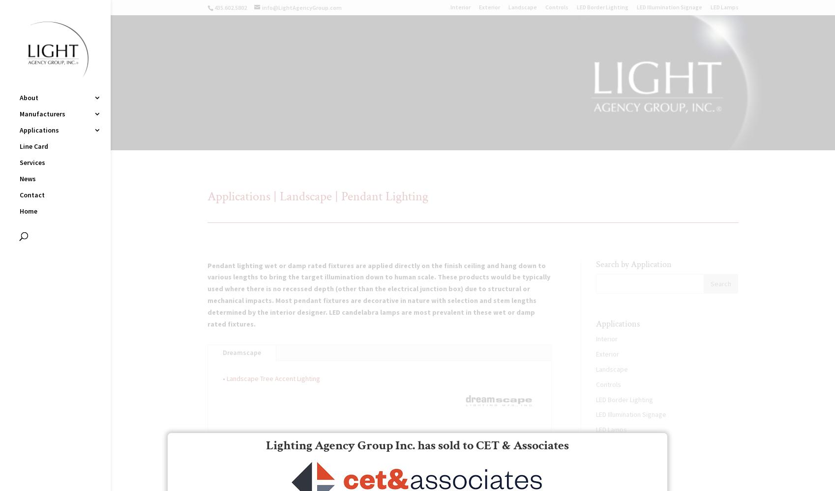 The width and height of the screenshot is (835, 491). I want to click on 'Mojo Illumination', so click(131, 212).